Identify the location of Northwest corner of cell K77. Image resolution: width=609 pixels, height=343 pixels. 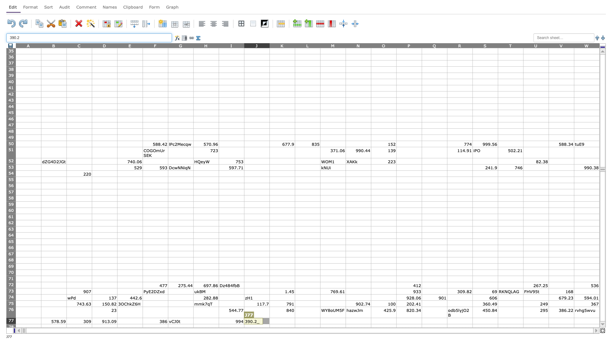
(269, 318).